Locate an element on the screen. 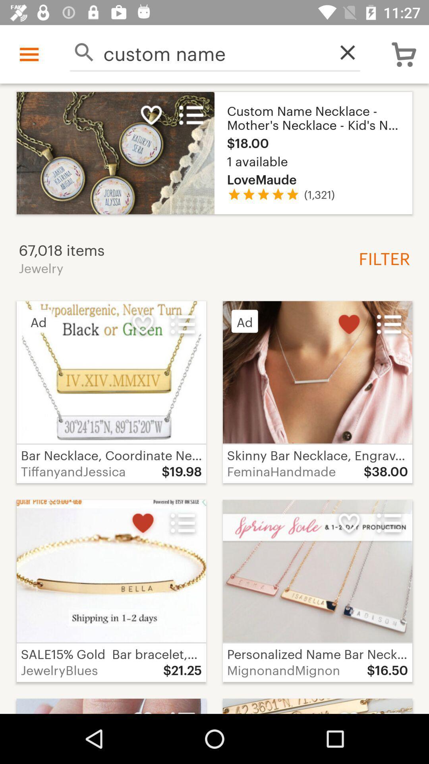  the image which has price 2125 is located at coordinates (111, 591).